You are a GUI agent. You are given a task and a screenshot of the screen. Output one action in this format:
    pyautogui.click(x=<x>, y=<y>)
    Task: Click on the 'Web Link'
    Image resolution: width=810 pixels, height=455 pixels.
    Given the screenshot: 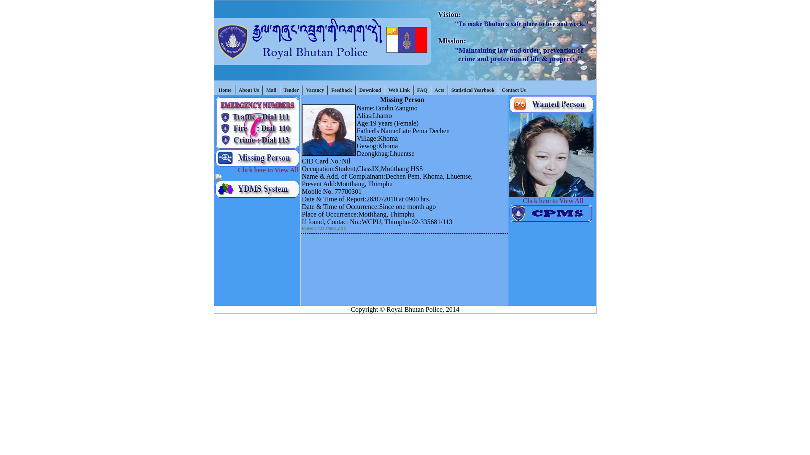 What is the action you would take?
    pyautogui.click(x=398, y=90)
    